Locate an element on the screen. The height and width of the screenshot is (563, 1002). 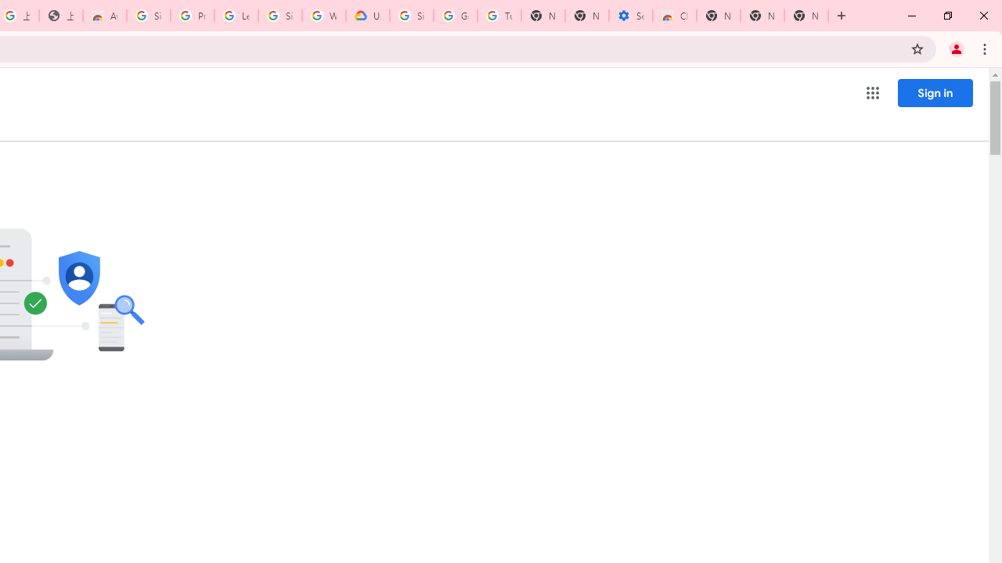
'Turn cookies on or off - Computer - Google Account Help' is located at coordinates (499, 16).